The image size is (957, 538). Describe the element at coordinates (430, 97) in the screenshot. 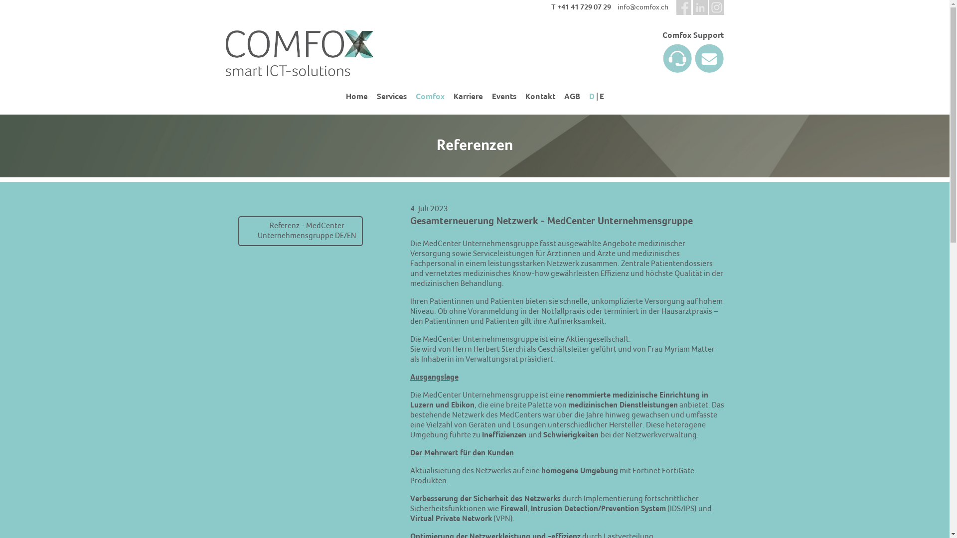

I see `'Comfox'` at that location.